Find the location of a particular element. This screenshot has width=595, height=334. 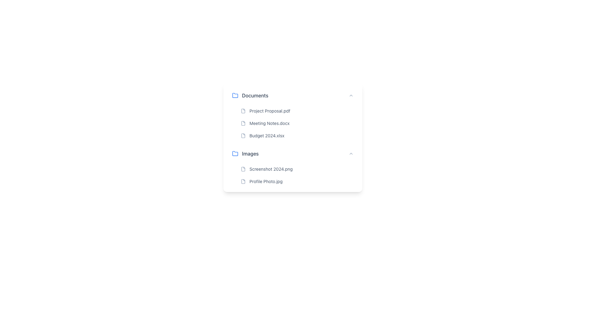

the 'Documents' icon, which visually represents the 'Documents' section and is located to the immediate left of the text label 'Documents' is located at coordinates (235, 95).